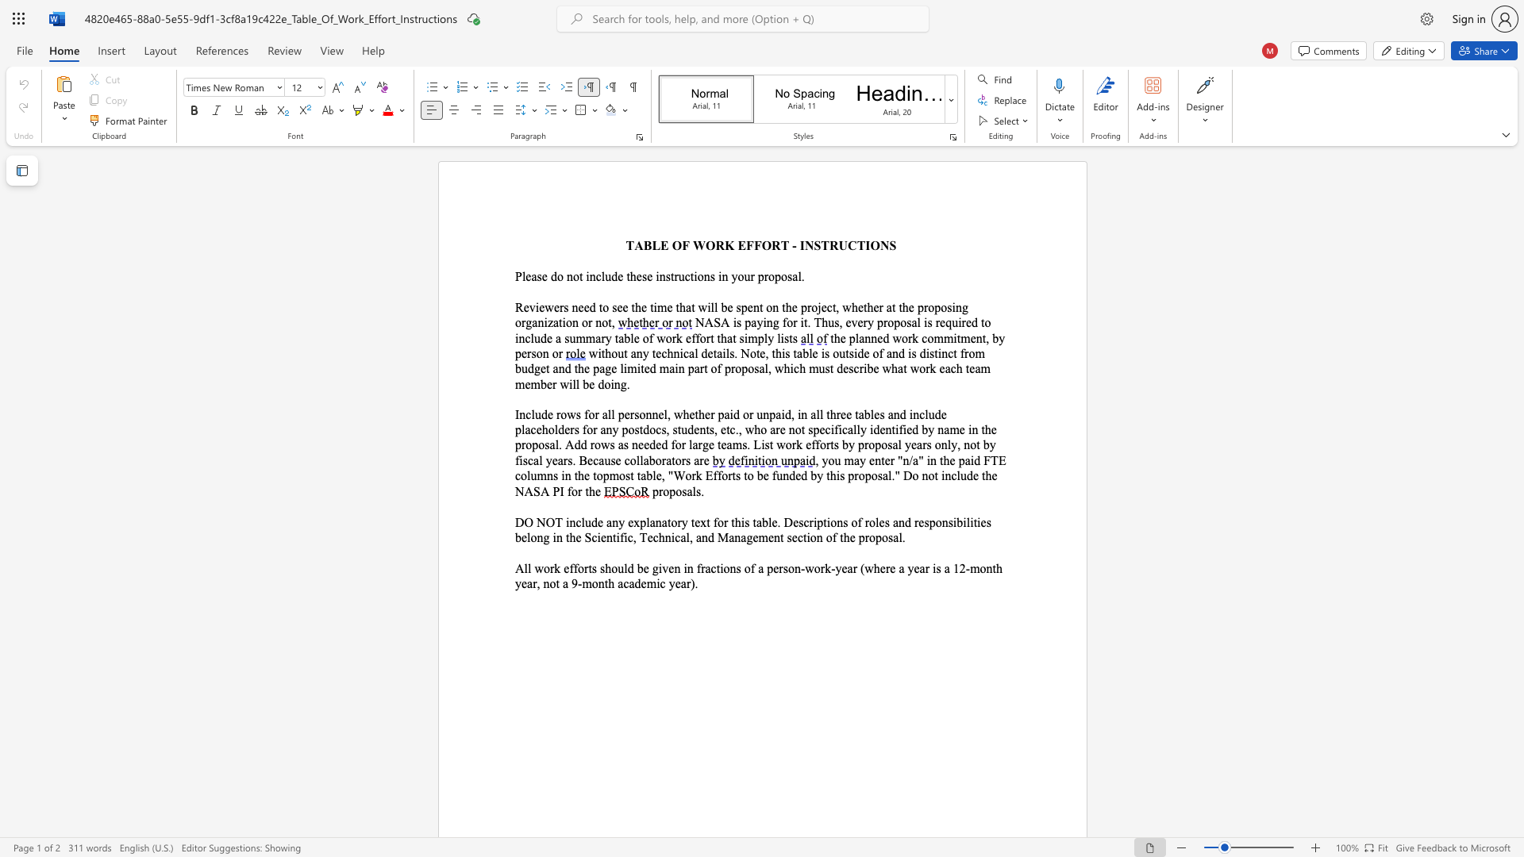 The width and height of the screenshot is (1524, 857). What do you see at coordinates (827, 321) in the screenshot?
I see `the space between the continuous character "h" and "u" in the text` at bounding box center [827, 321].